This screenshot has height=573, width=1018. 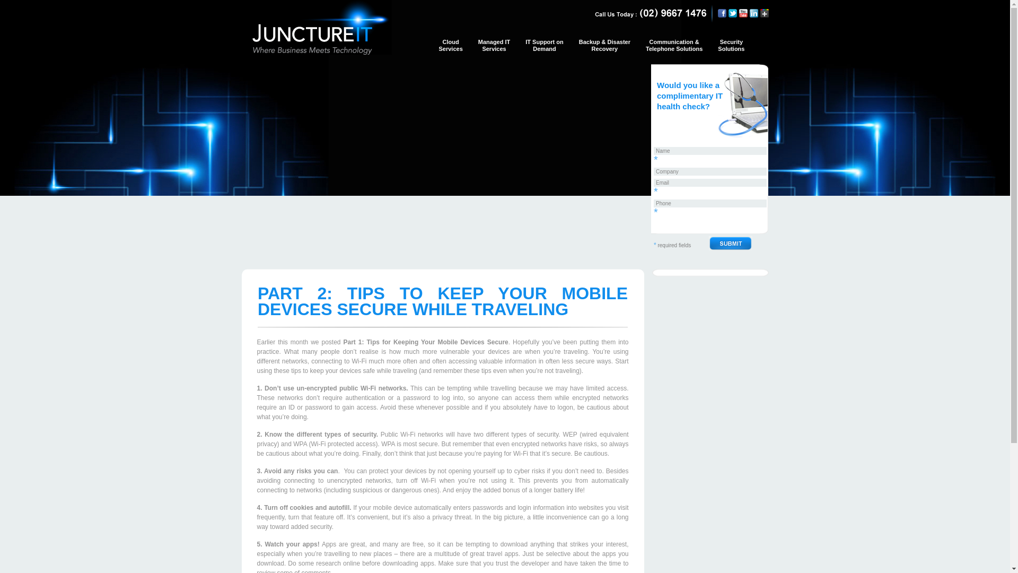 I want to click on 'Security, so click(x=730, y=48).